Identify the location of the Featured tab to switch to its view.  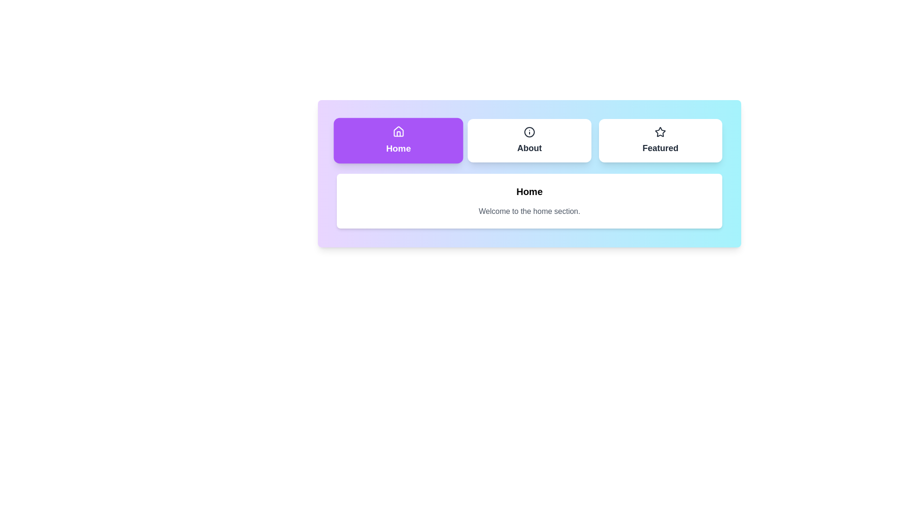
(660, 140).